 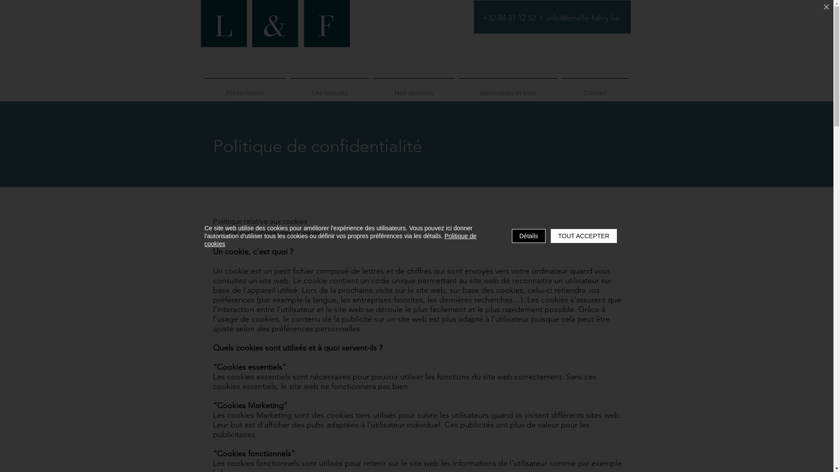 I want to click on 'Nos services', so click(x=413, y=89).